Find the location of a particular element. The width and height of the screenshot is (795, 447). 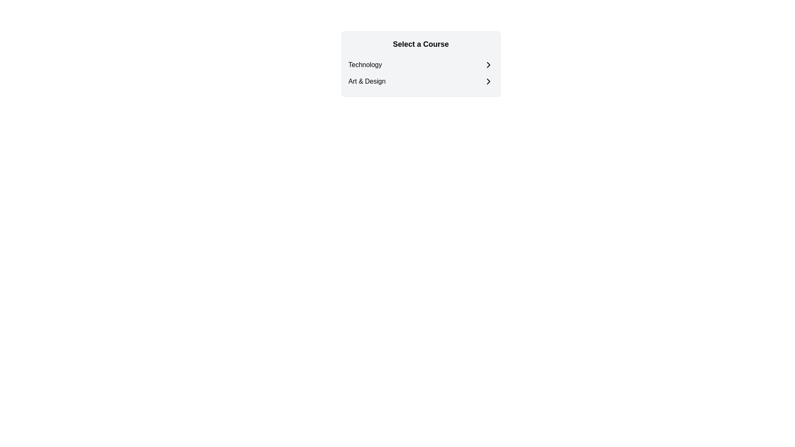

the 'Art & Design' text label, which is the second item is located at coordinates (366, 81).